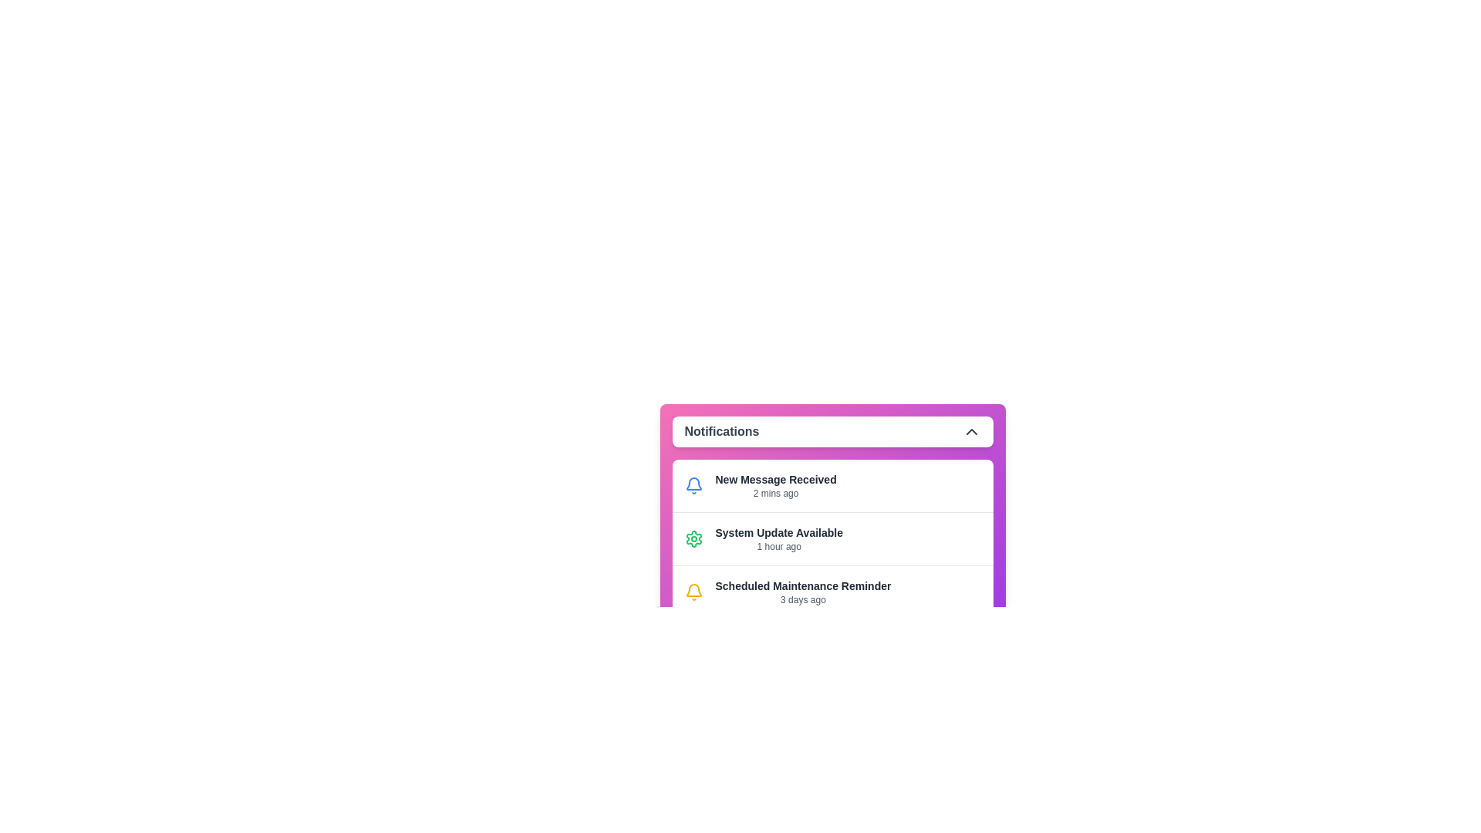 The width and height of the screenshot is (1481, 833). I want to click on the 'System Update Available' notification text block, which is the second entry in the list of notifications and serves as an interactive link, so click(779, 538).